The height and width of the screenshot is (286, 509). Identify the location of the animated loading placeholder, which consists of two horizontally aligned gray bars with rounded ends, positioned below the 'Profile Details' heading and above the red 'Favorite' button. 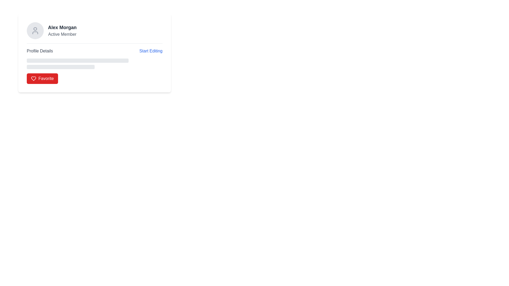
(94, 63).